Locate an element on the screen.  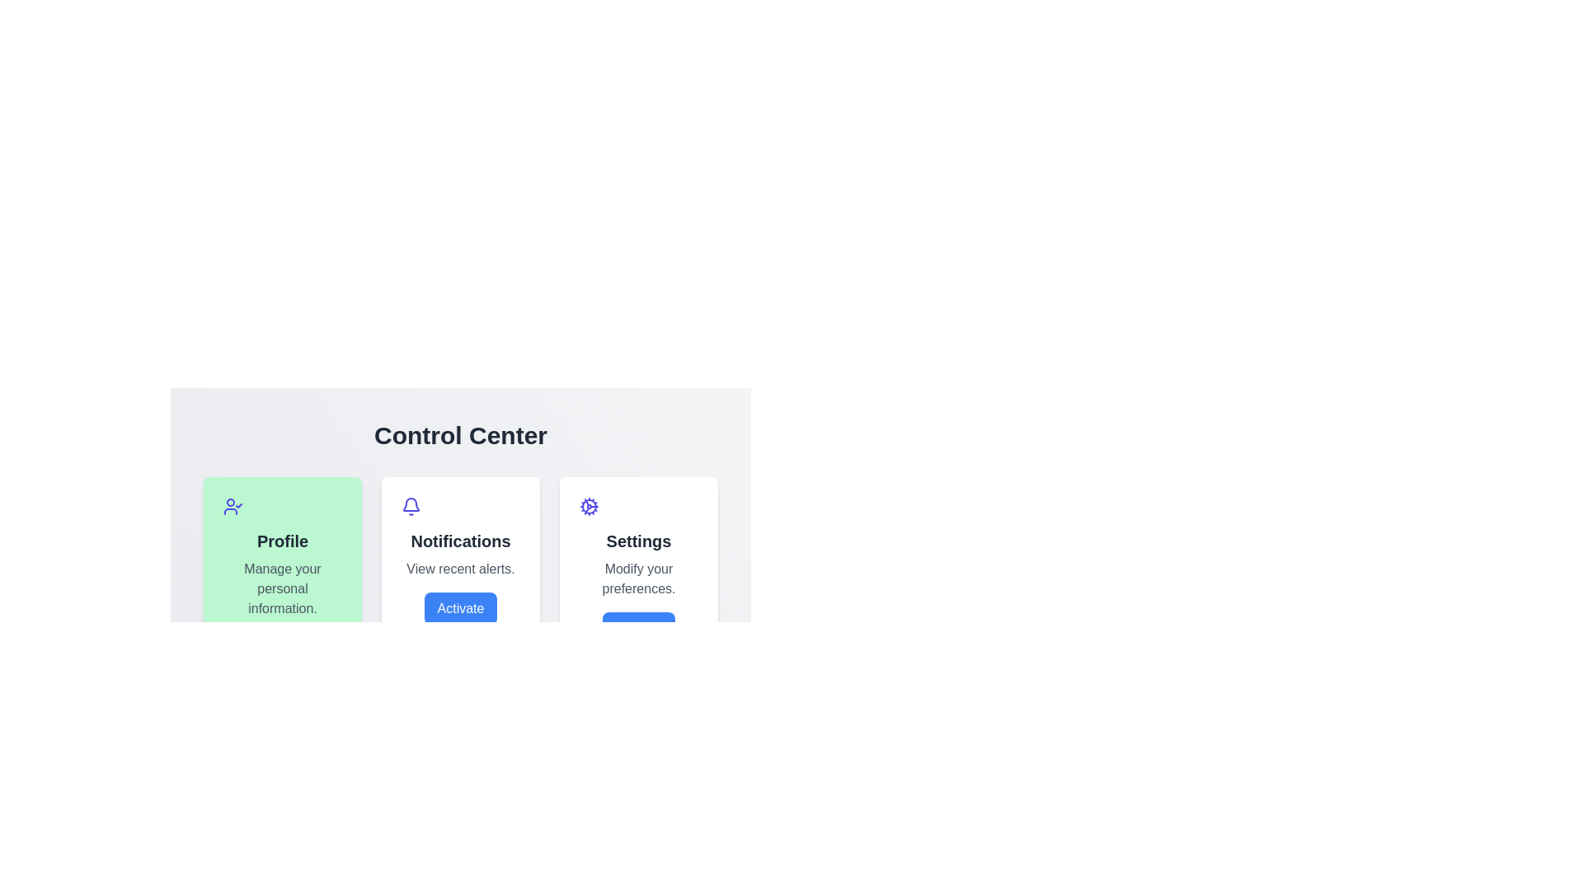
the 'Activate' button, which is a rounded rectangular button with a blue background and white text located at the bottom center of the 'Notifications' section is located at coordinates (460, 609).